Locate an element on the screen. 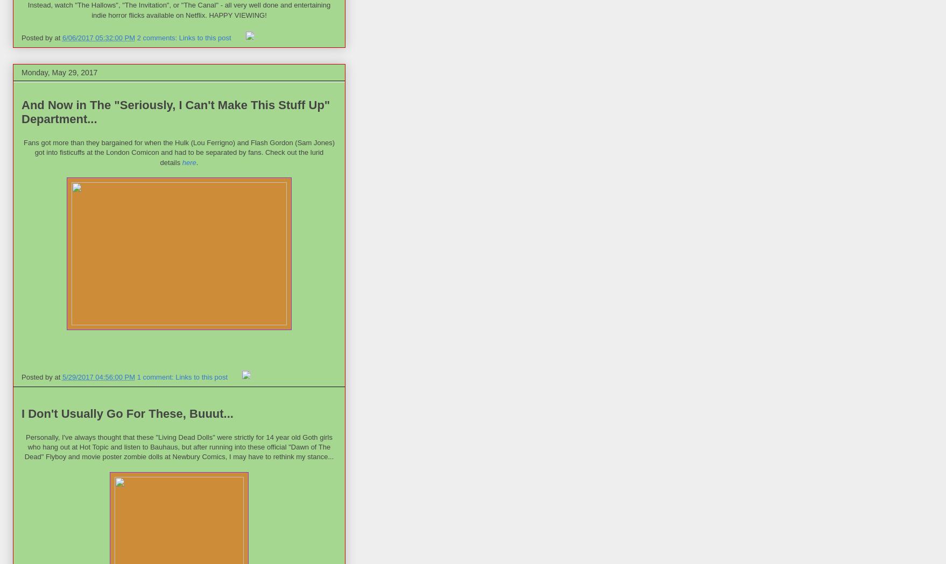  '2 comments:' is located at coordinates (156, 38).